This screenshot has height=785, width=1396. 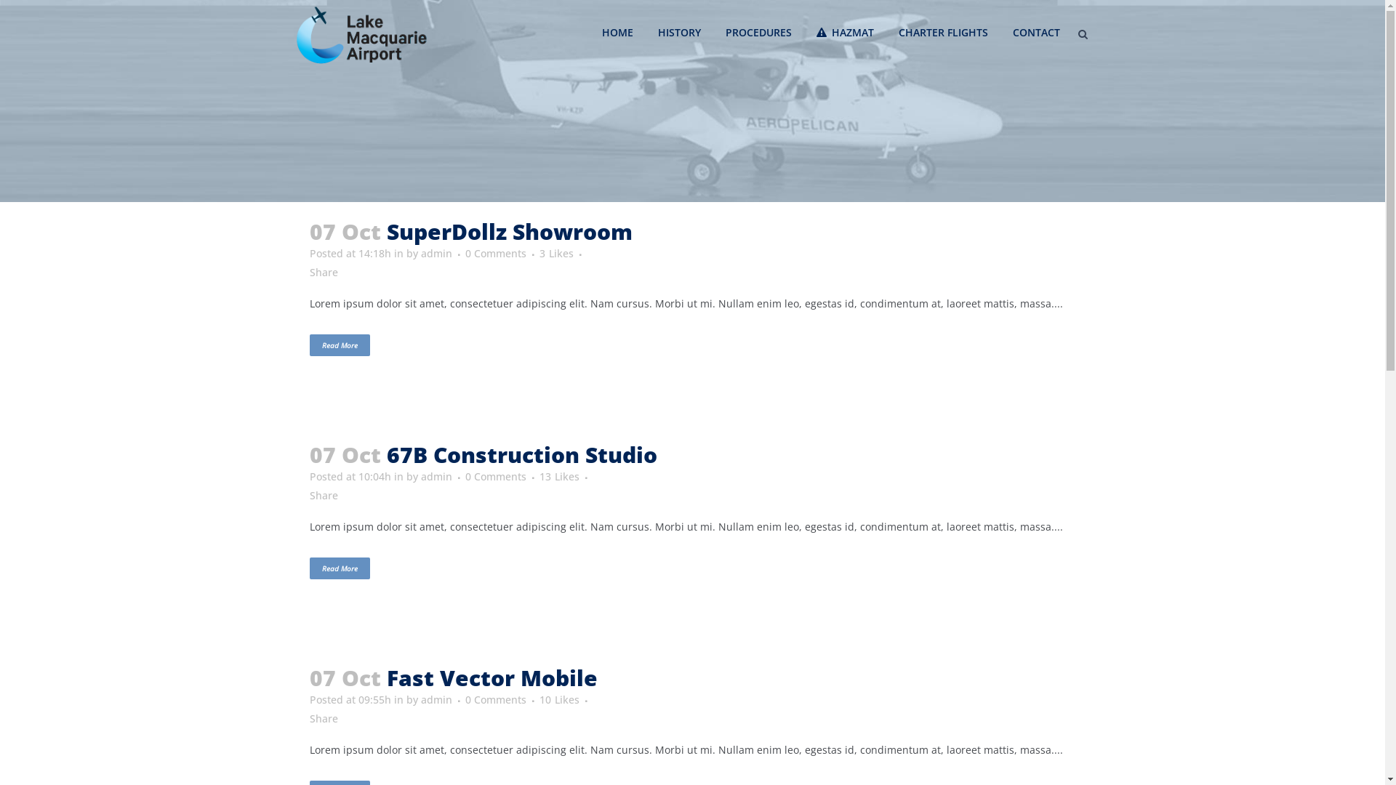 What do you see at coordinates (492, 677) in the screenshot?
I see `'Fast Vector Mobile'` at bounding box center [492, 677].